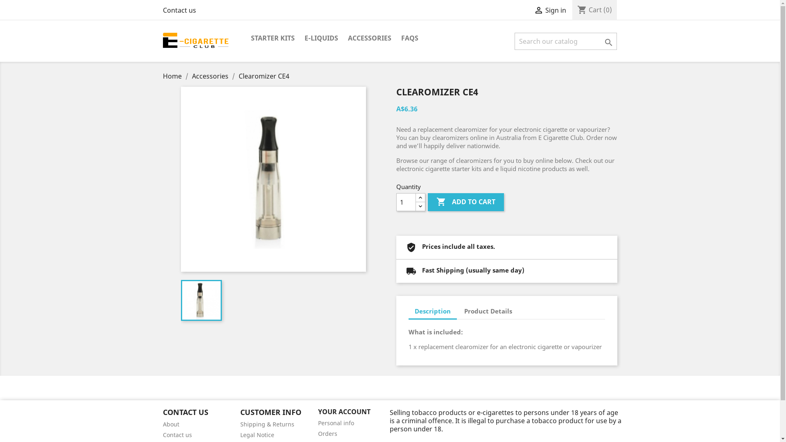  What do you see at coordinates (344, 412) in the screenshot?
I see `'YOUR ACCOUNT'` at bounding box center [344, 412].